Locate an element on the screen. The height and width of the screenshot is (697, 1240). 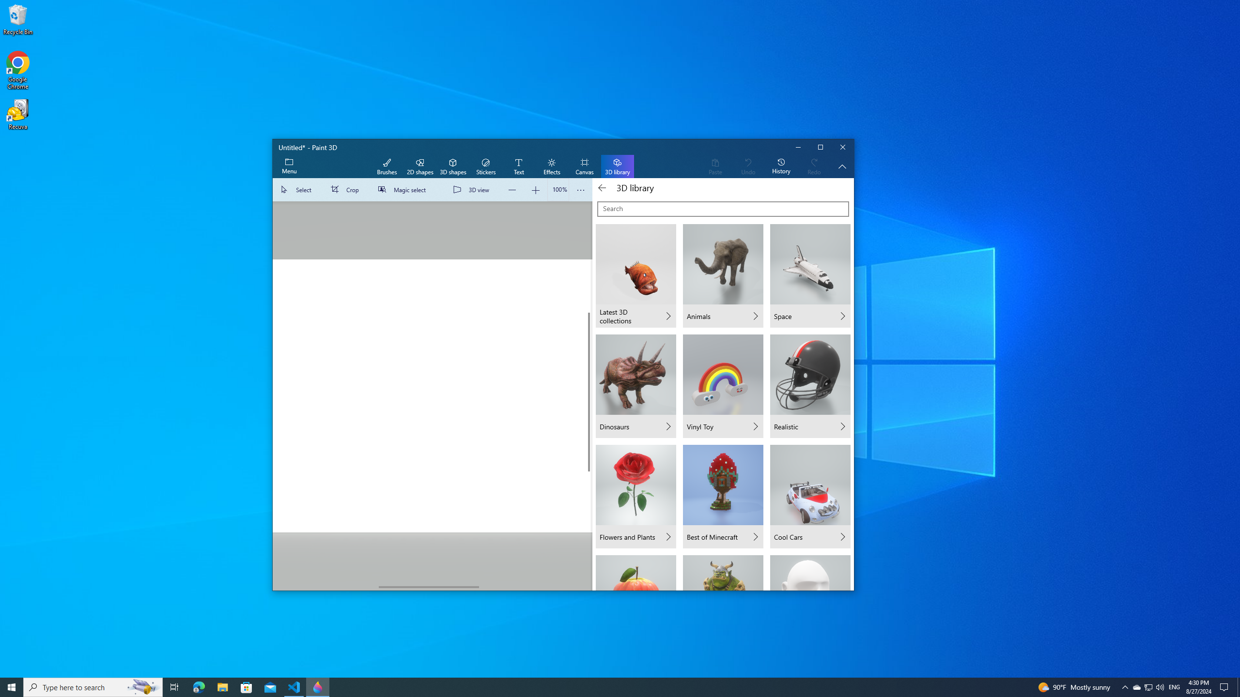
'Best of Minecraft' is located at coordinates (722, 497).